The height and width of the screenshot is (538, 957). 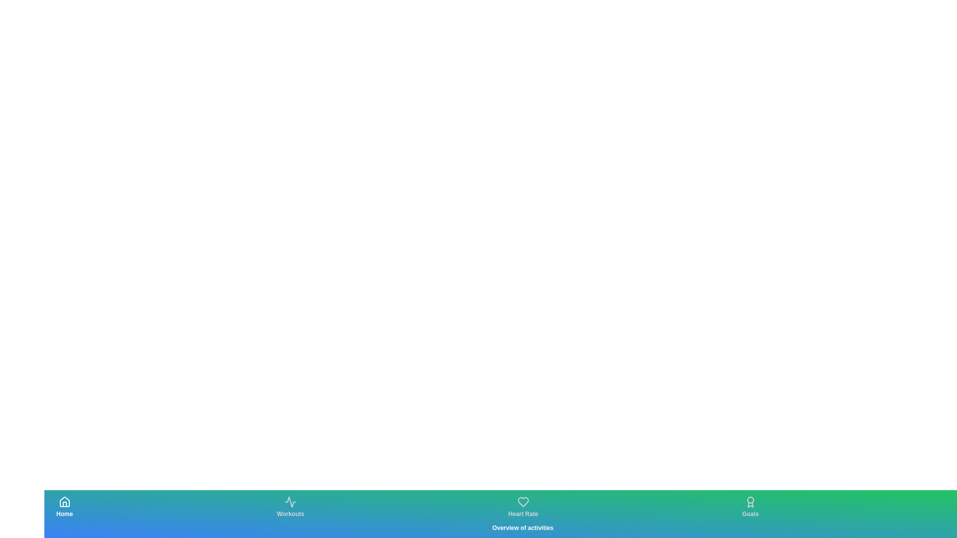 What do you see at coordinates (64, 507) in the screenshot?
I see `the Home tab to switch to its section` at bounding box center [64, 507].